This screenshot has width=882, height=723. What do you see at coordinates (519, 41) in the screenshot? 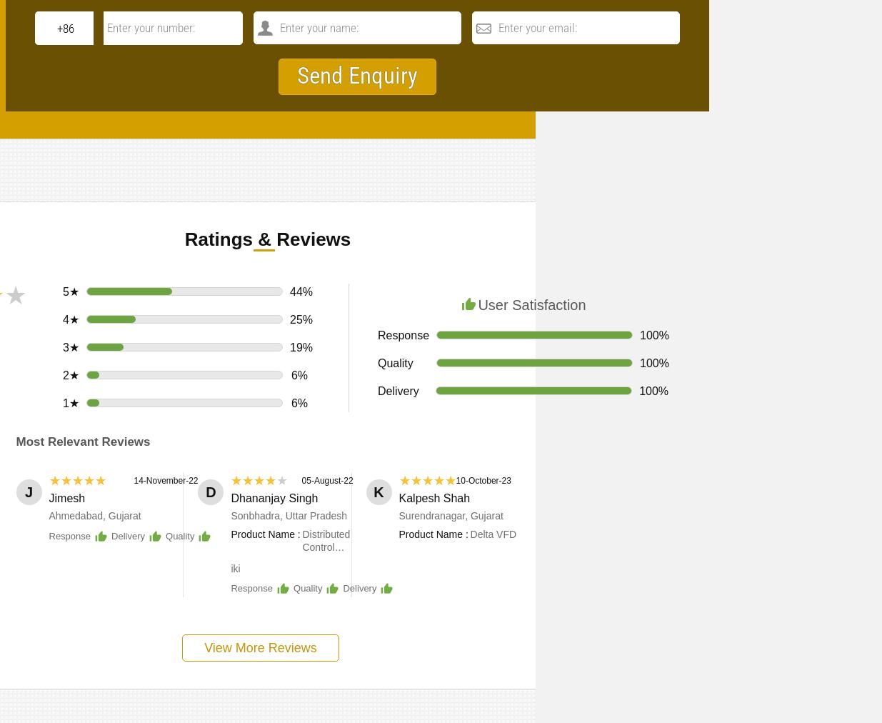
I see `'Additional Information:'` at bounding box center [519, 41].